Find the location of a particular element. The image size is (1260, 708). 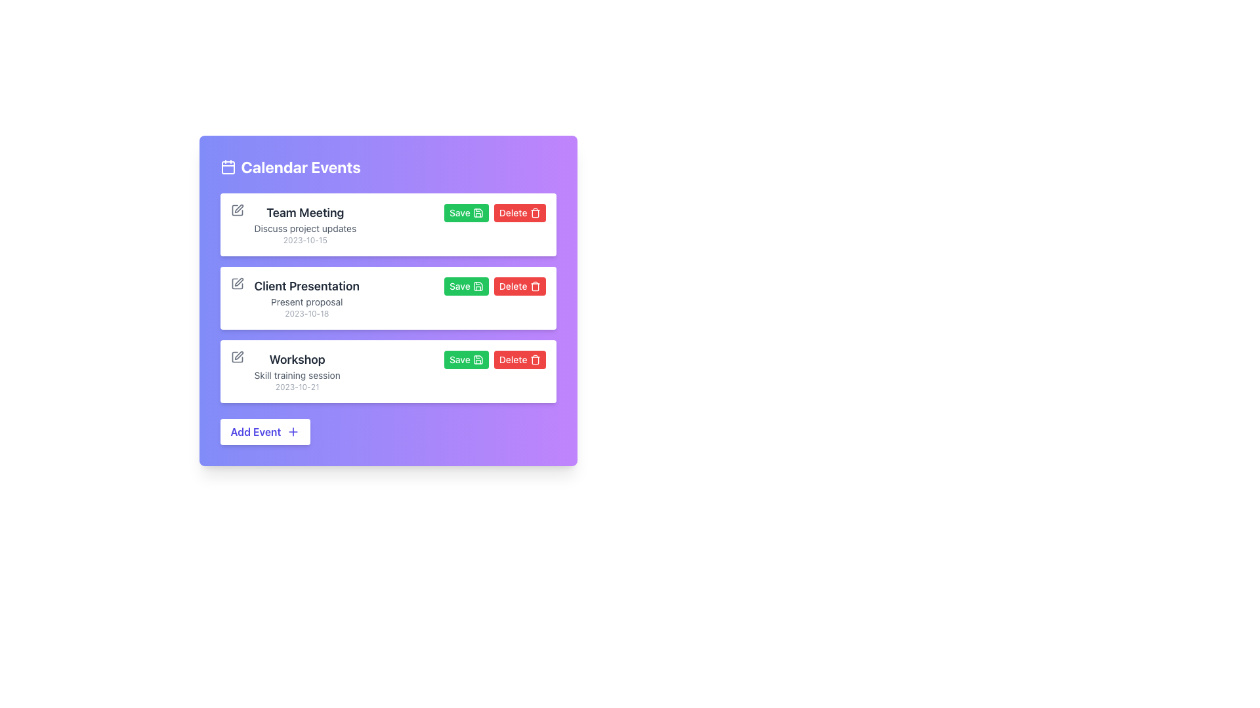

the edit icon button located at the leftmost side of the 'Workshop' event row to modify the event details is located at coordinates (237, 357).